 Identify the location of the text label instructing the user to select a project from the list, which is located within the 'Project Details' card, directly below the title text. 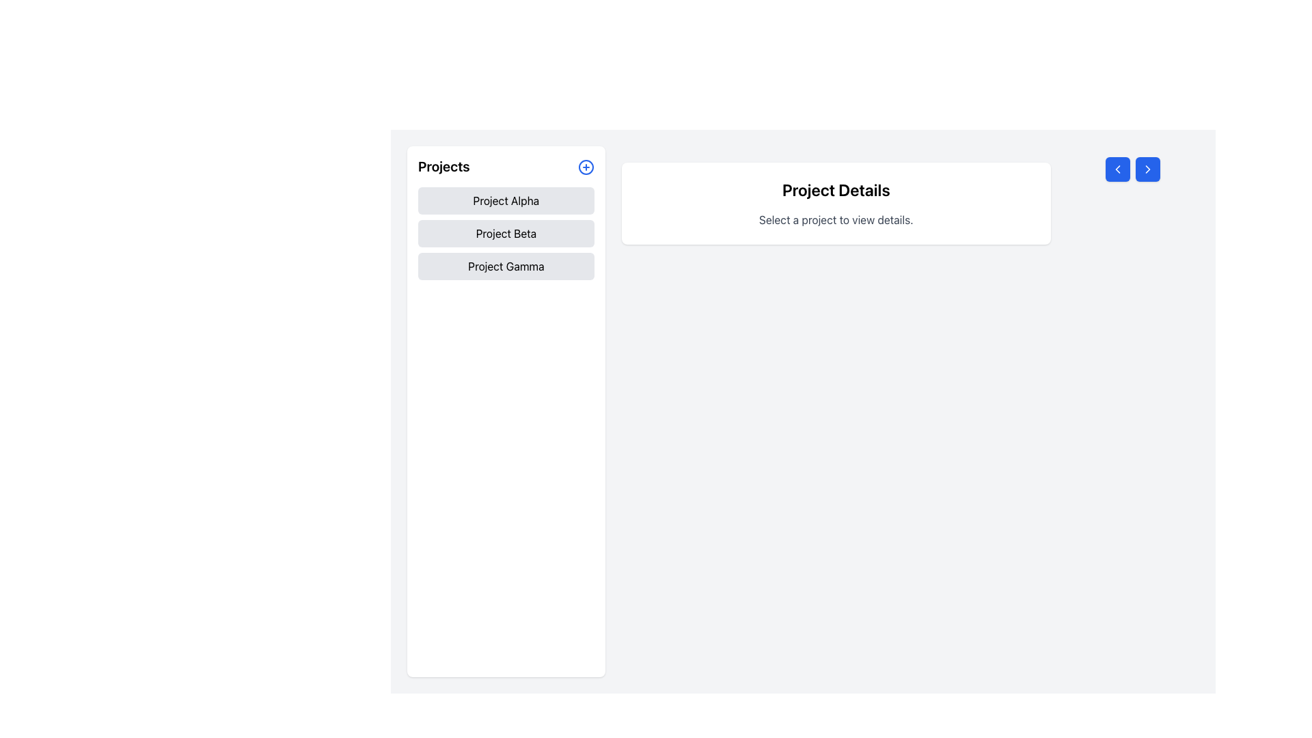
(835, 219).